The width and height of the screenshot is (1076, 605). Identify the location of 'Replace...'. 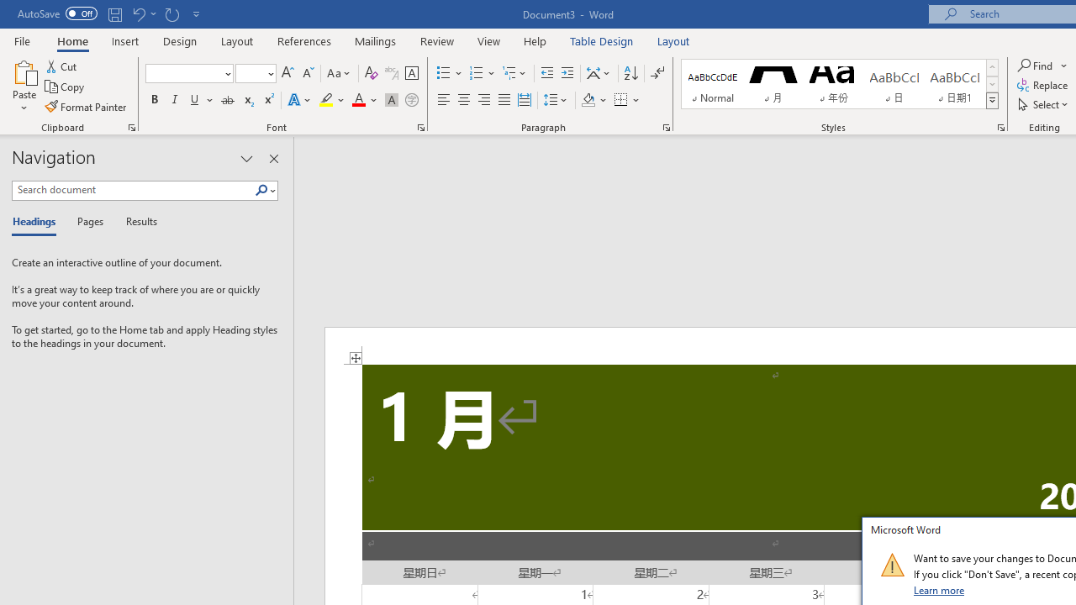
(1043, 85).